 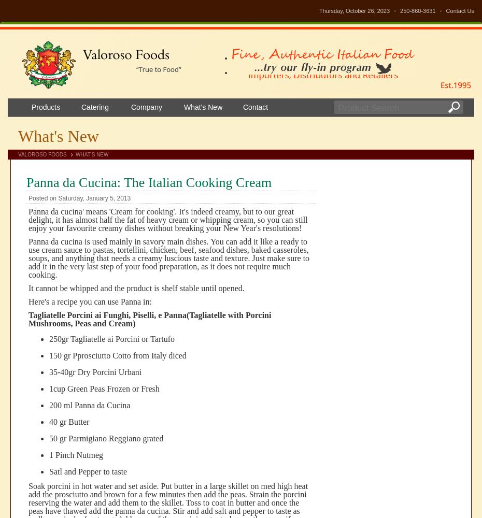 What do you see at coordinates (79, 198) in the screenshot?
I see `'Posted on Saturday, January 5, 2013'` at bounding box center [79, 198].